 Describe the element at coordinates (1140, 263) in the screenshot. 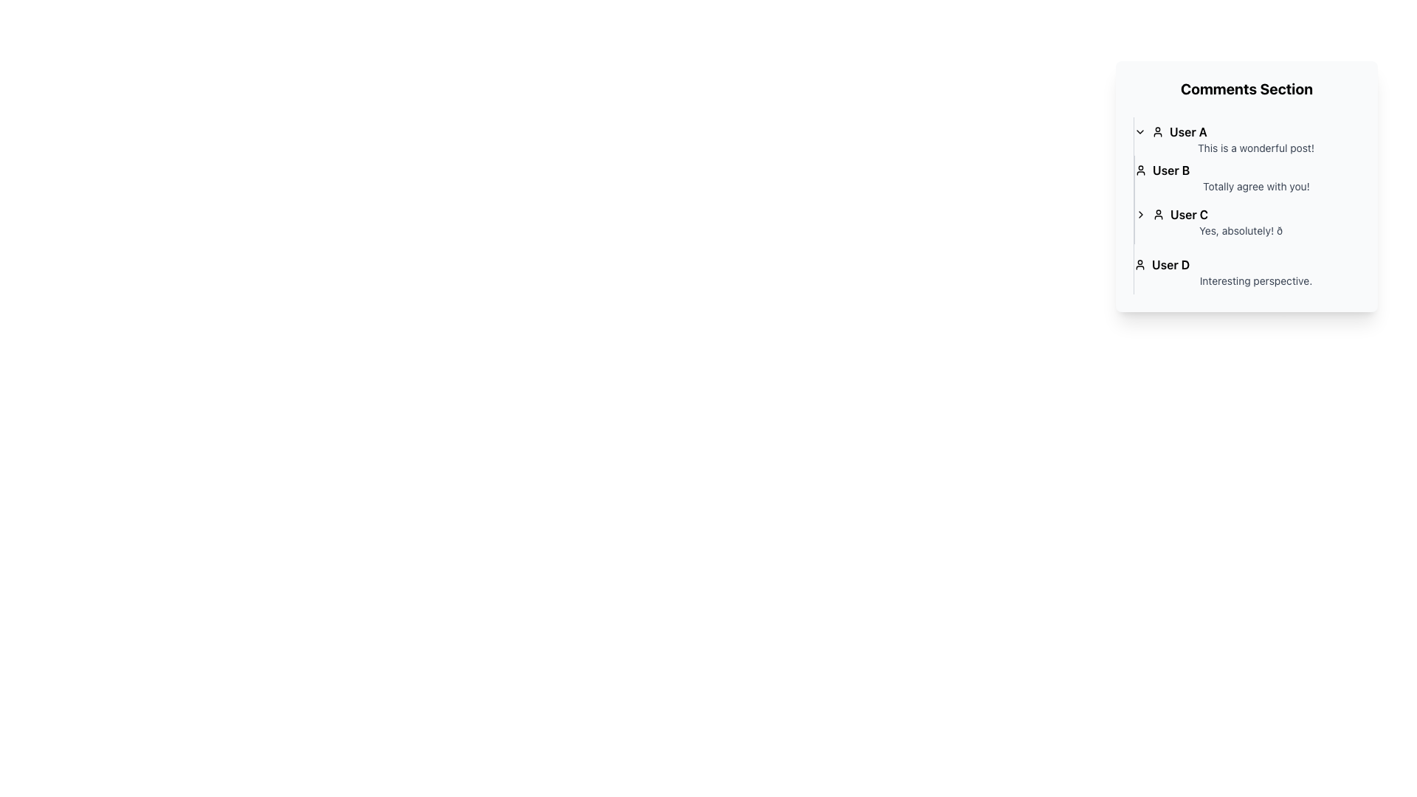

I see `the user icon that depicts a circular head and simplified body representation, located to the left of the text 'User D' in the Comments Section` at that location.